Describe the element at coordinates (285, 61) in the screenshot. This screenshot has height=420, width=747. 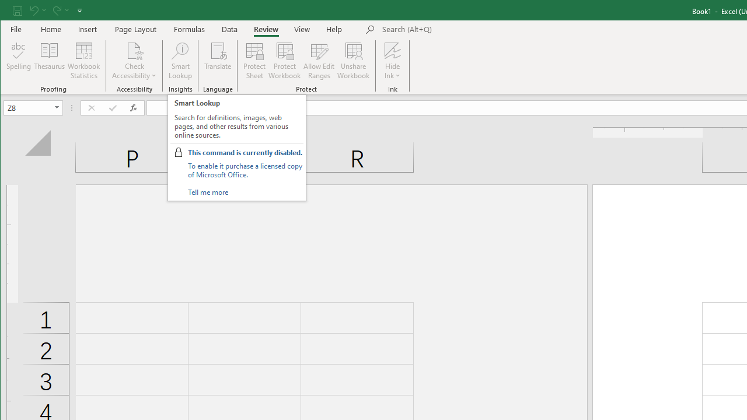
I see `'Protect Workbook...'` at that location.